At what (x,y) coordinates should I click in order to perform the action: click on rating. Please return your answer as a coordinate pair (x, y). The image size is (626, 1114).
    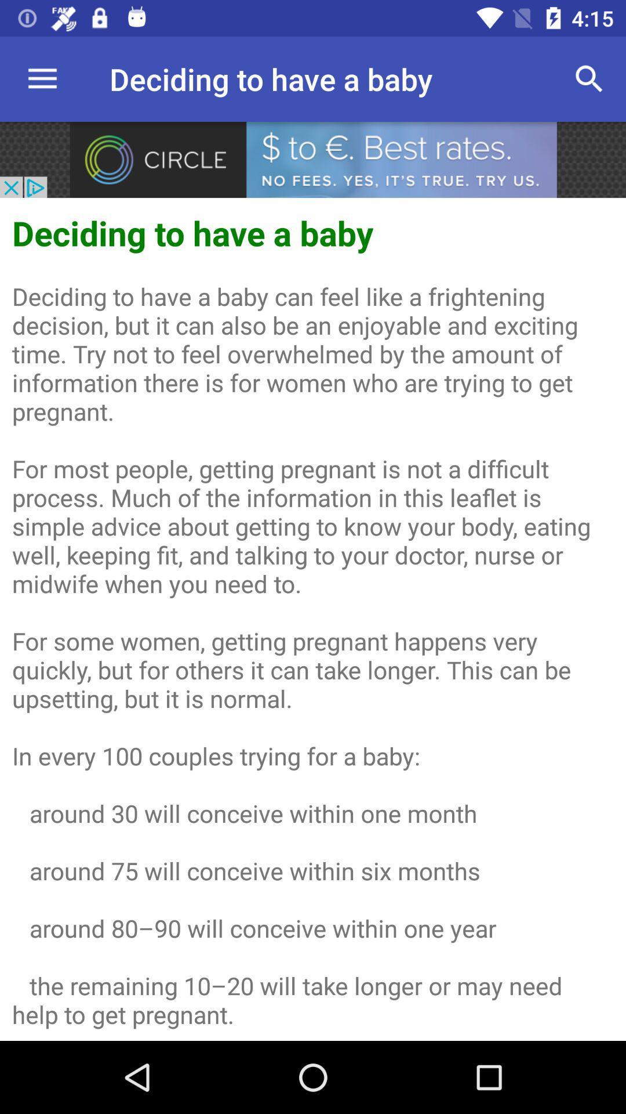
    Looking at the image, I should click on (313, 159).